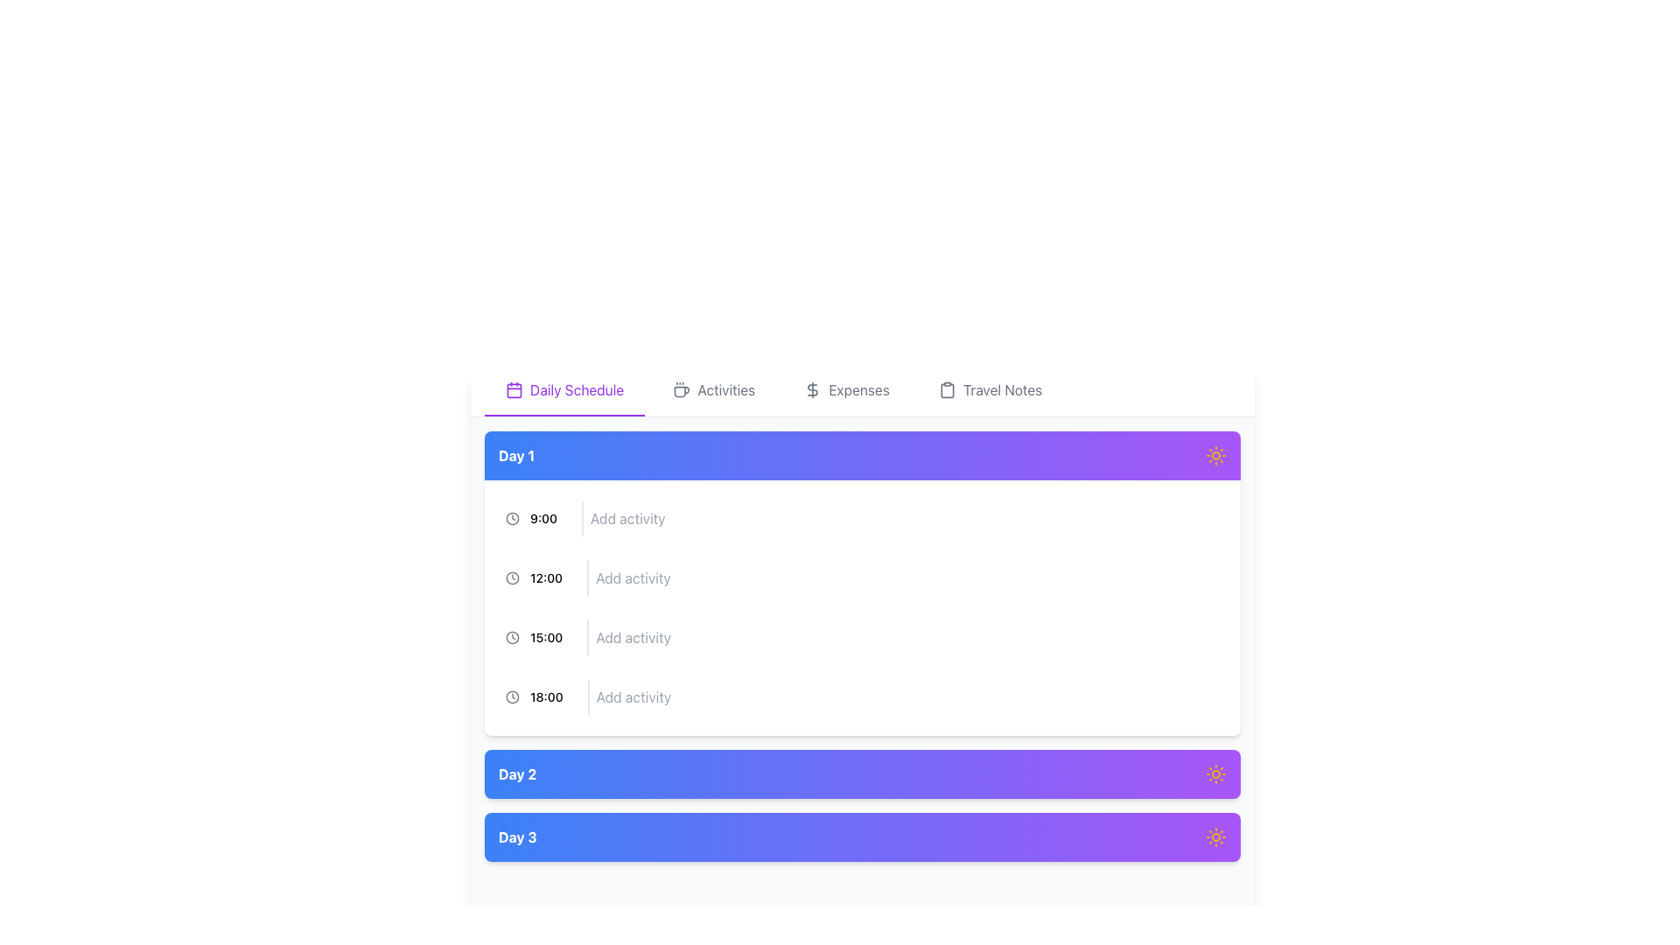  What do you see at coordinates (511, 696) in the screenshot?
I see `the clock icon with a circular outline and two thin hands, located in the 'Day 1' section next to the '18:00' text` at bounding box center [511, 696].